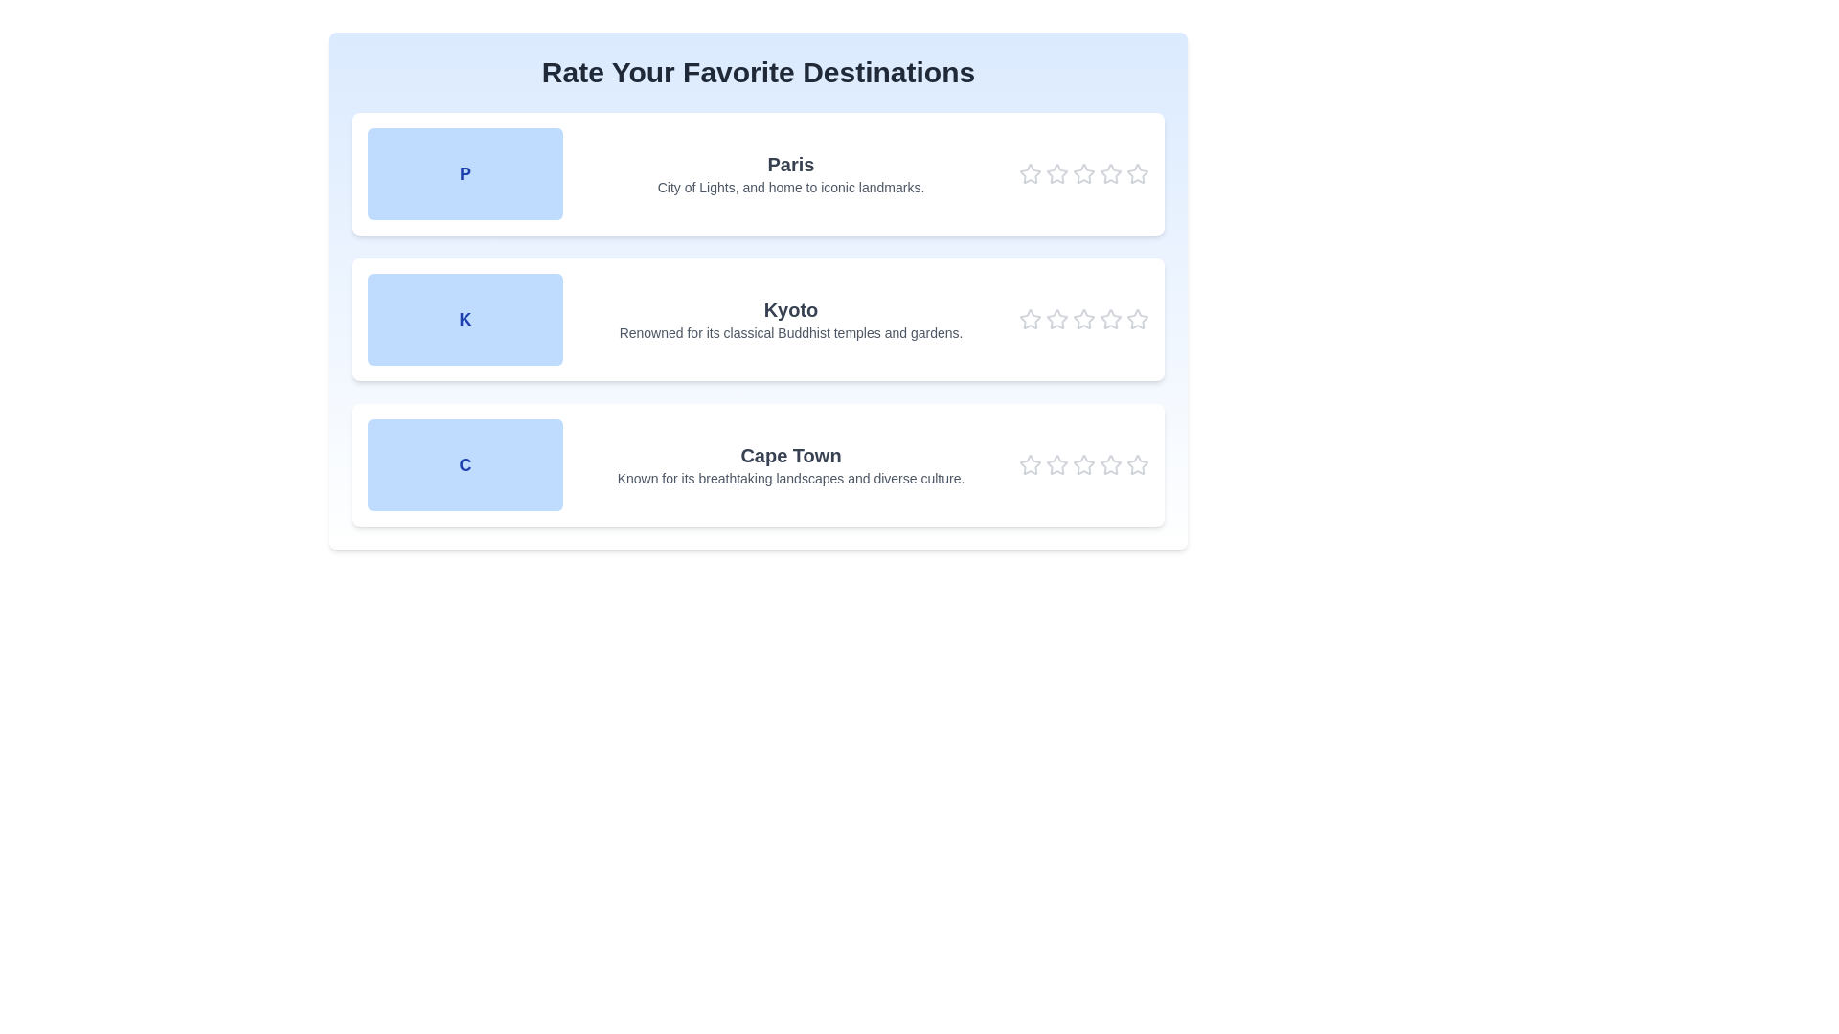 Image resolution: width=1839 pixels, height=1034 pixels. I want to click on the text label that reads 'Known for its breathtaking landscapes and diverse culture.' located beneath the title 'Cape Town', so click(790, 478).